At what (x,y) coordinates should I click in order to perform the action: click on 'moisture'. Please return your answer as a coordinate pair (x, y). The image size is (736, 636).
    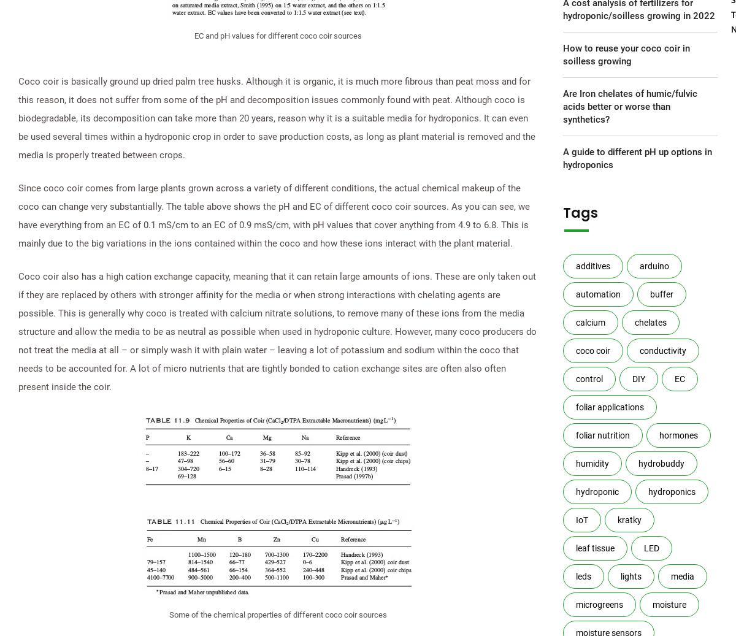
    Looking at the image, I should click on (668, 604).